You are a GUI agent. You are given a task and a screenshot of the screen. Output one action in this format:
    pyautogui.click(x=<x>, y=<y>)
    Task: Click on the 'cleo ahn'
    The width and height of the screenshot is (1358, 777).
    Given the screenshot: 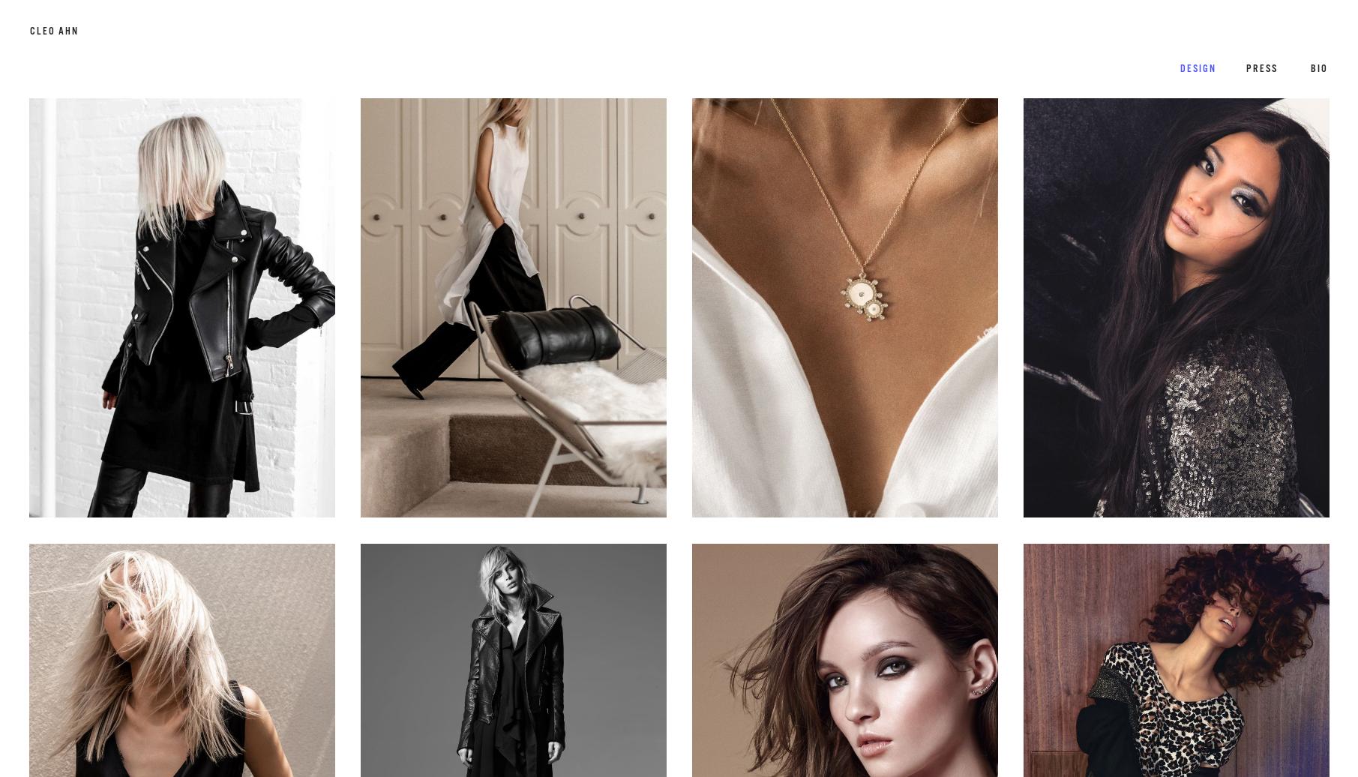 What is the action you would take?
    pyautogui.click(x=30, y=31)
    